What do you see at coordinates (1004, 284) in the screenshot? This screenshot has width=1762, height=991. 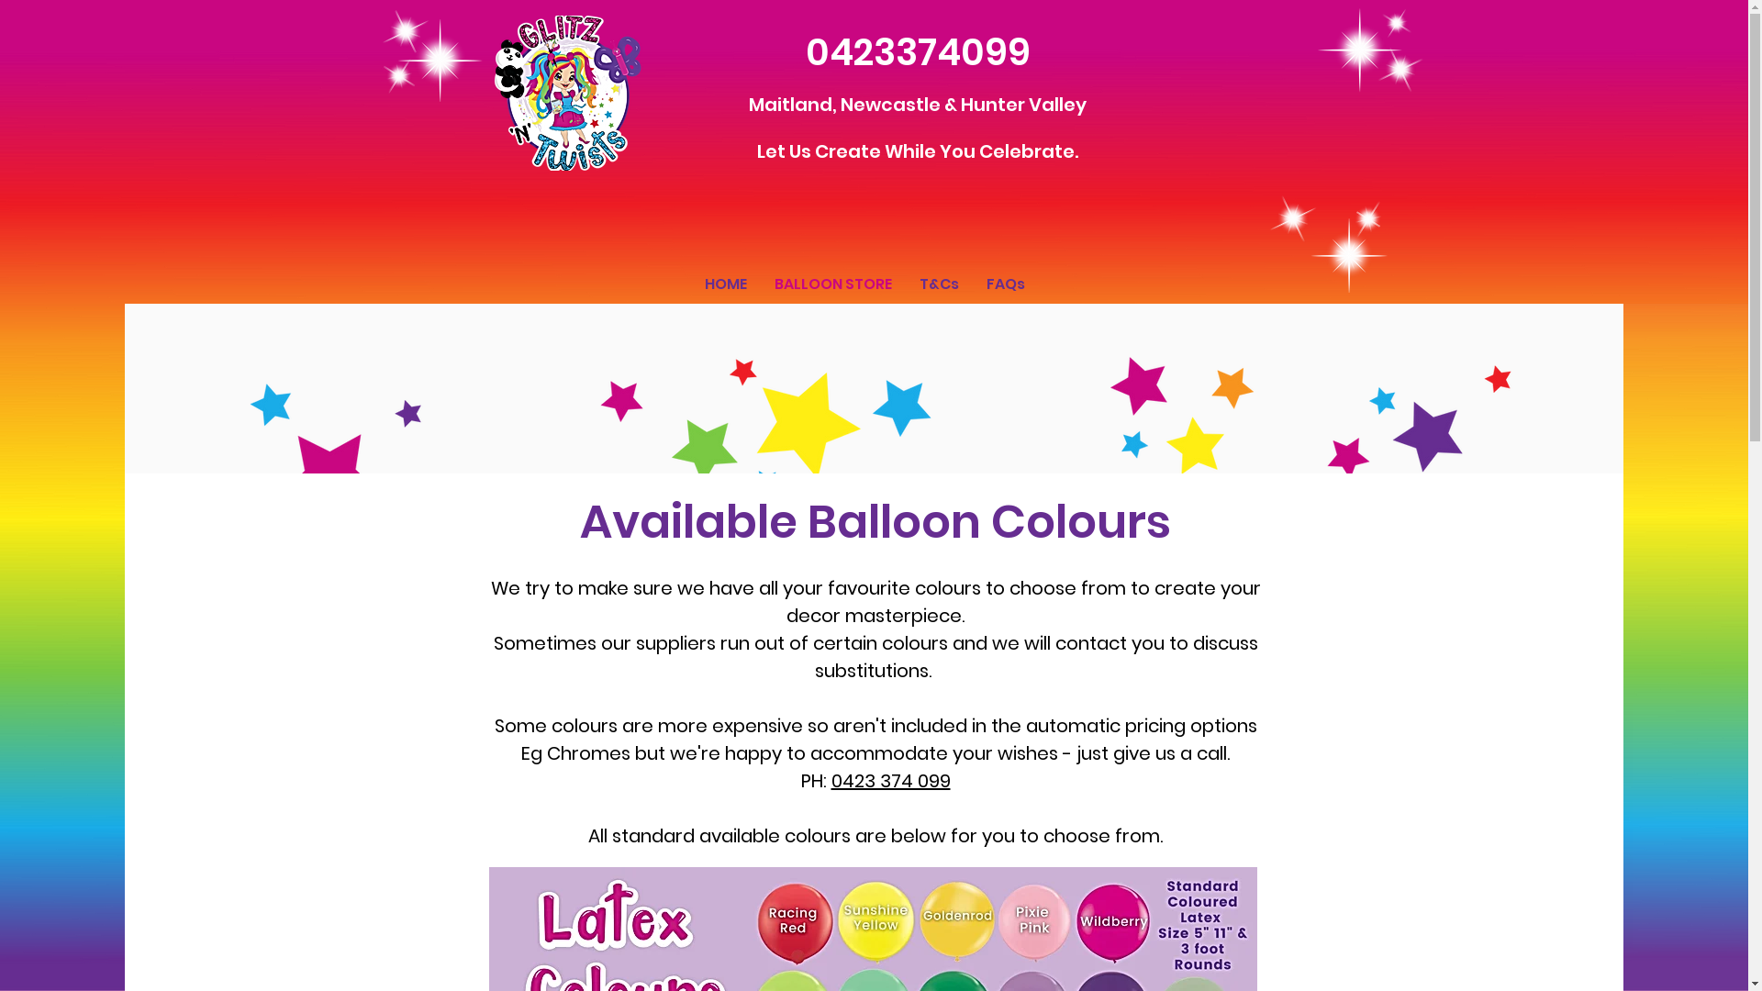 I see `'FAQs'` at bounding box center [1004, 284].